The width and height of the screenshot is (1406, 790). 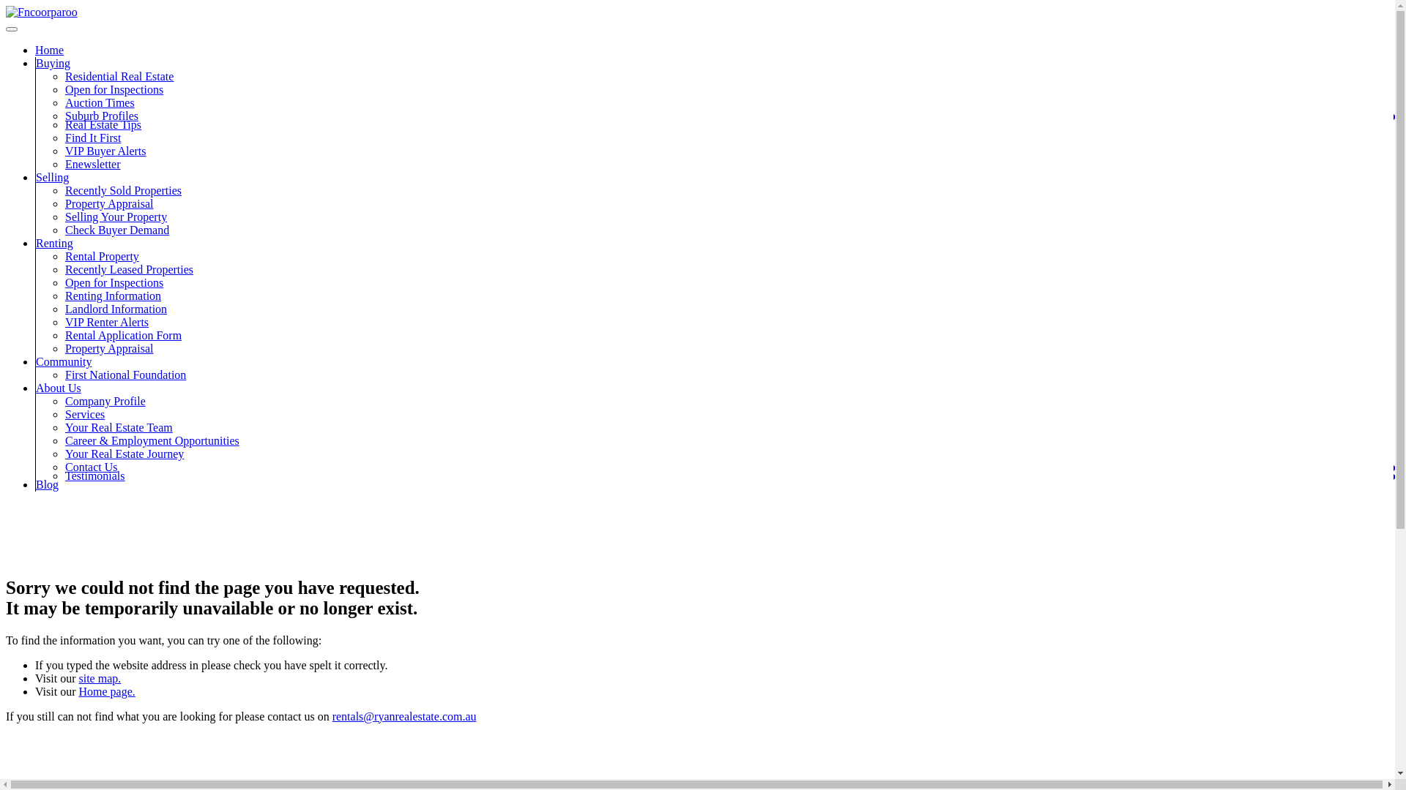 What do you see at coordinates (64, 414) in the screenshot?
I see `'Services'` at bounding box center [64, 414].